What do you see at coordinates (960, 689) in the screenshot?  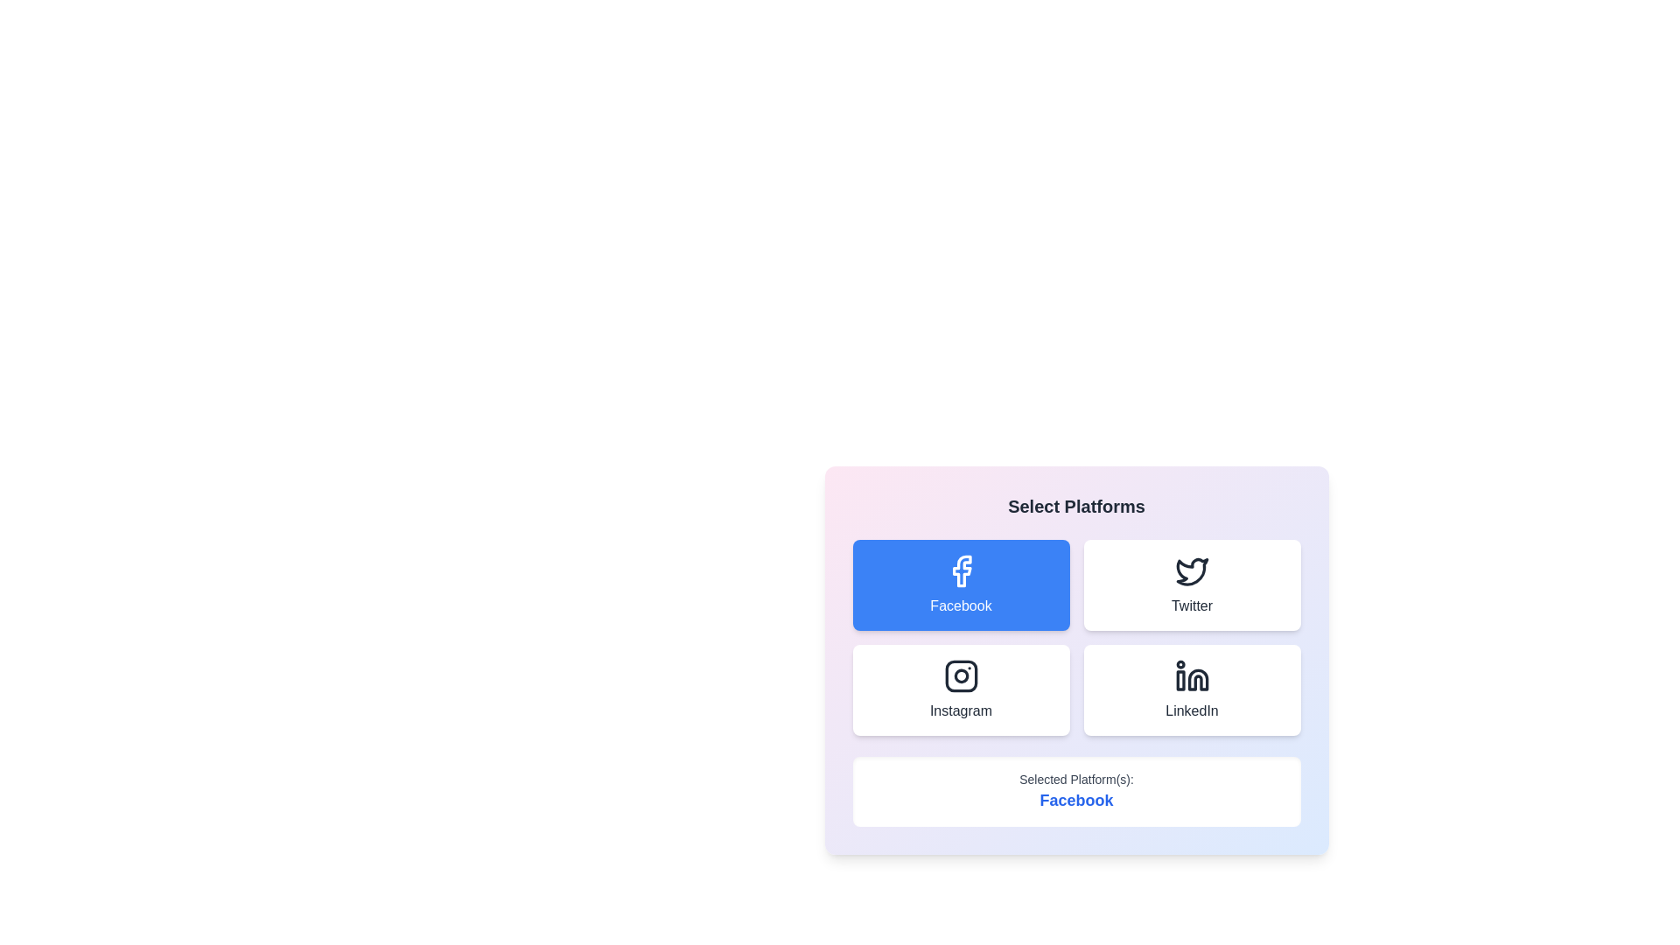 I see `the Instagram button` at bounding box center [960, 689].